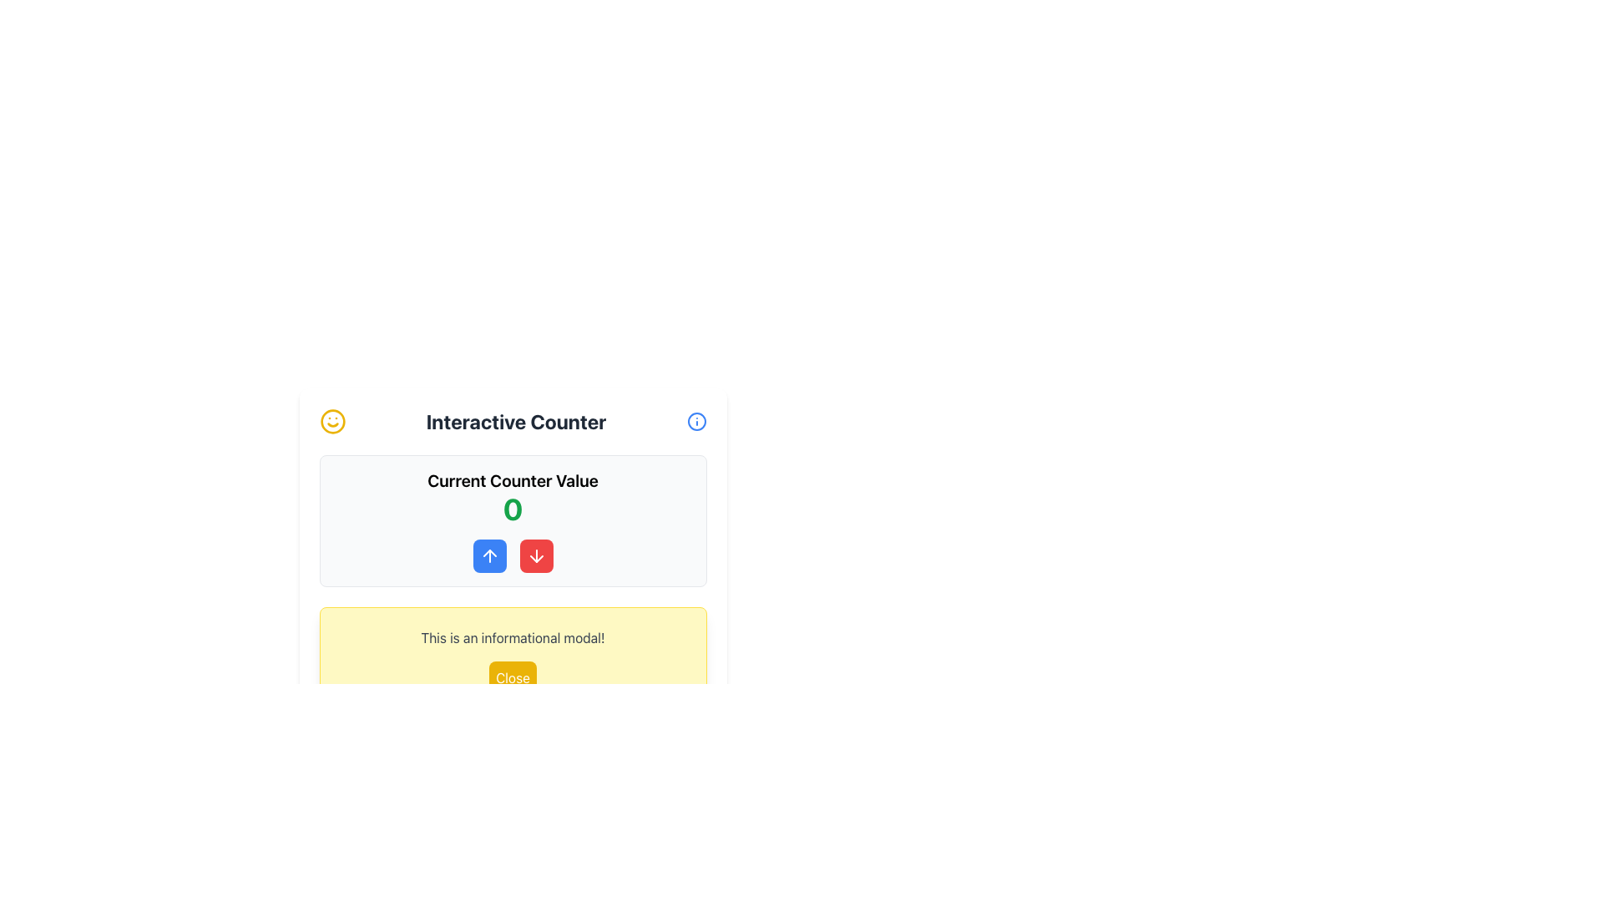 The height and width of the screenshot is (902, 1603). I want to click on the blue circular information icon with an 'i' symbol located at the top right corner adjacent to the heading 'Interactive Counter', so click(696, 421).